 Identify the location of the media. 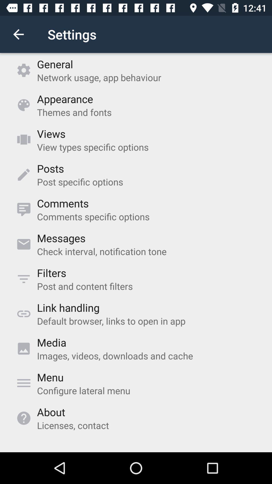
(52, 342).